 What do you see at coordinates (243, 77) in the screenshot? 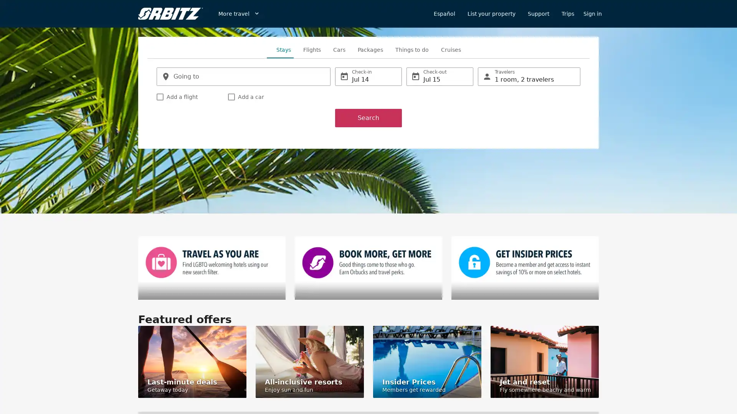
I see `Going to` at bounding box center [243, 77].